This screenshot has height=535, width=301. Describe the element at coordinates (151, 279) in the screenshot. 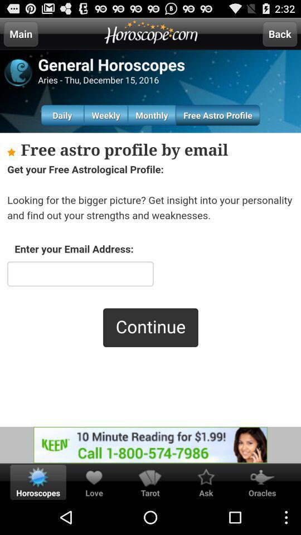

I see `email address` at that location.